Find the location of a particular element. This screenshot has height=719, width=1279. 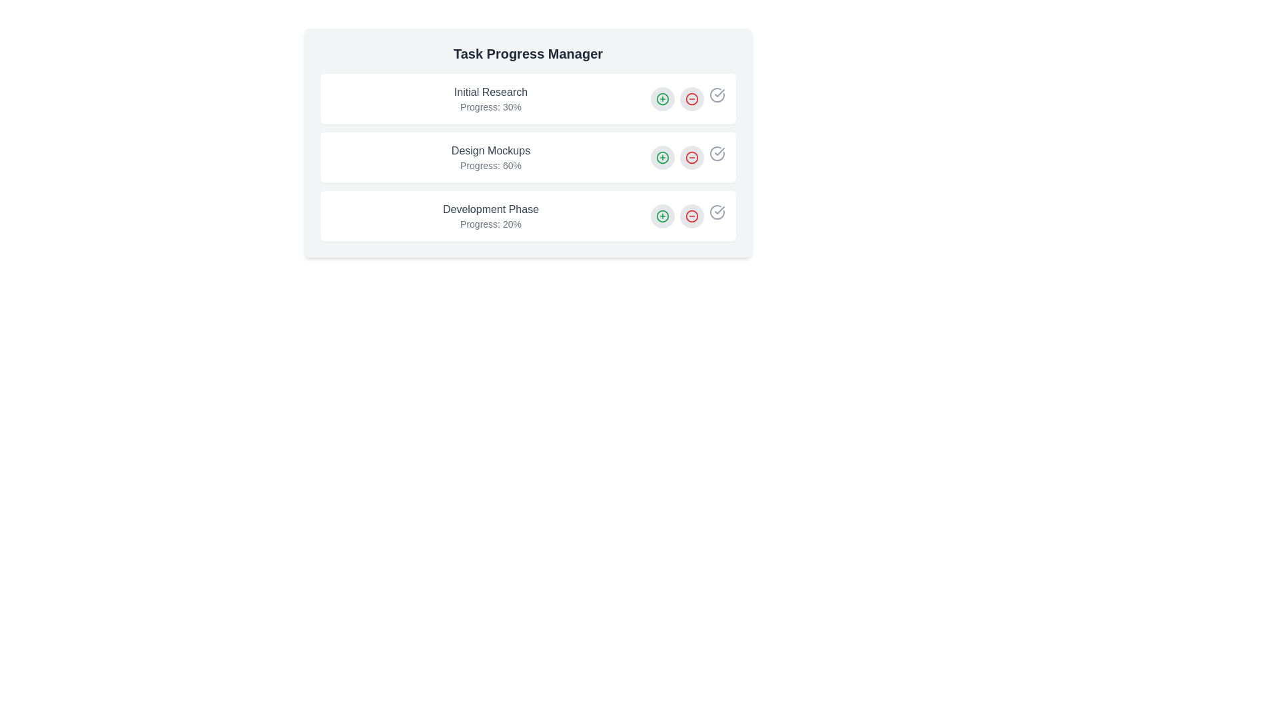

the static text label indicating 'Development Phase', which is the third task entry from the top of the list is located at coordinates (490, 210).